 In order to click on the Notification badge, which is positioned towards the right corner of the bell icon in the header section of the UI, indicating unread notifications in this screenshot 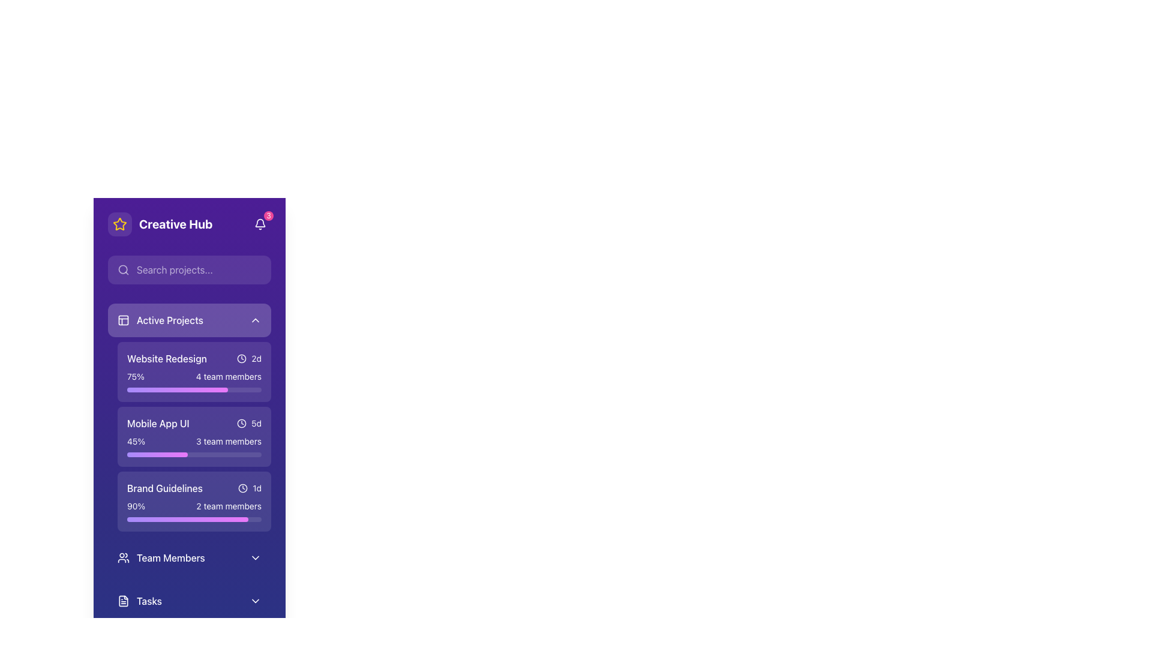, I will do `click(268, 215)`.